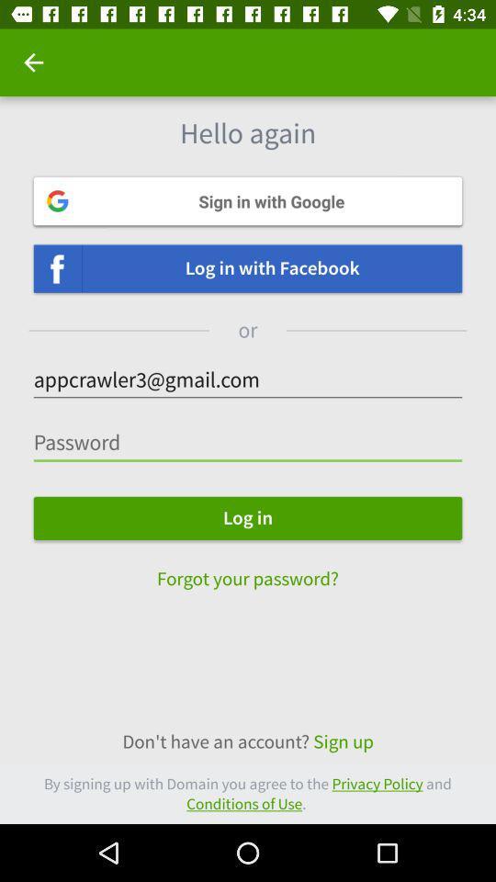 This screenshot has height=882, width=496. I want to click on the item above the hello again item, so click(33, 62).